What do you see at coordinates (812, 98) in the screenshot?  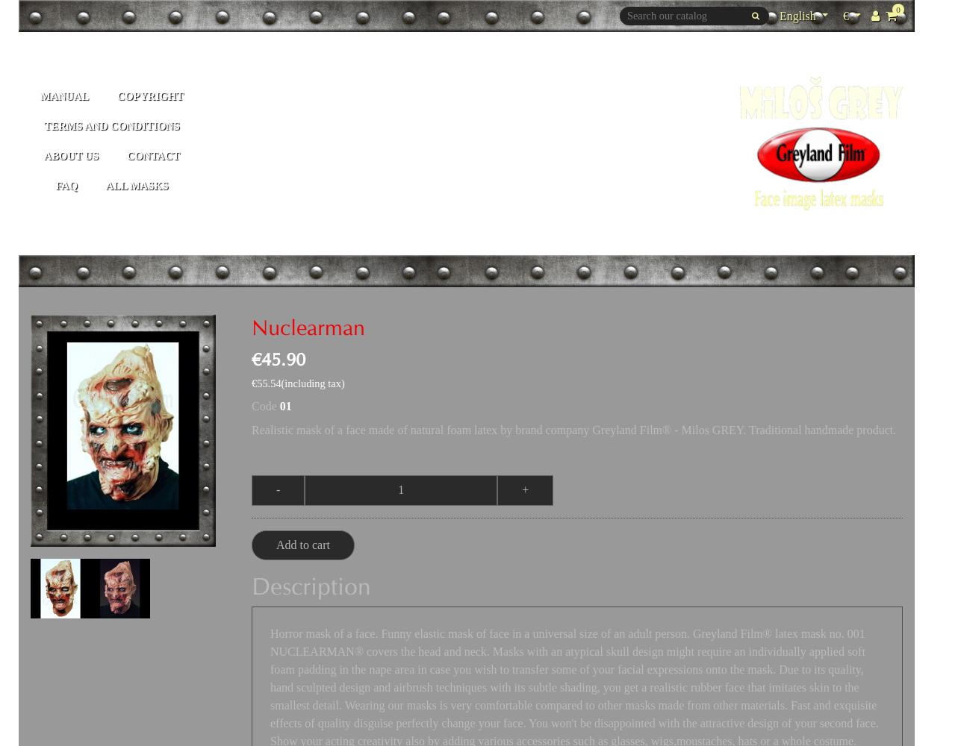 I see `'Deutsch'` at bounding box center [812, 98].